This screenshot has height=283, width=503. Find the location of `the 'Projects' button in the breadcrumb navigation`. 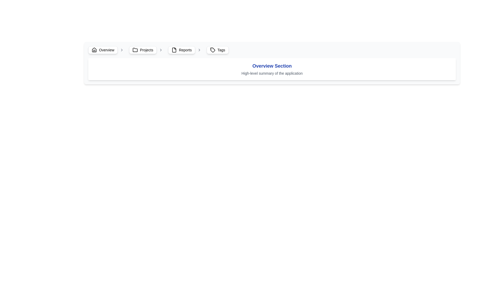

the 'Projects' button in the breadcrumb navigation is located at coordinates (143, 50).